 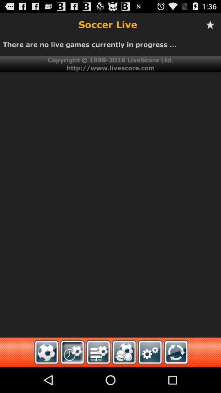 What do you see at coordinates (150, 377) in the screenshot?
I see `the settings icon` at bounding box center [150, 377].